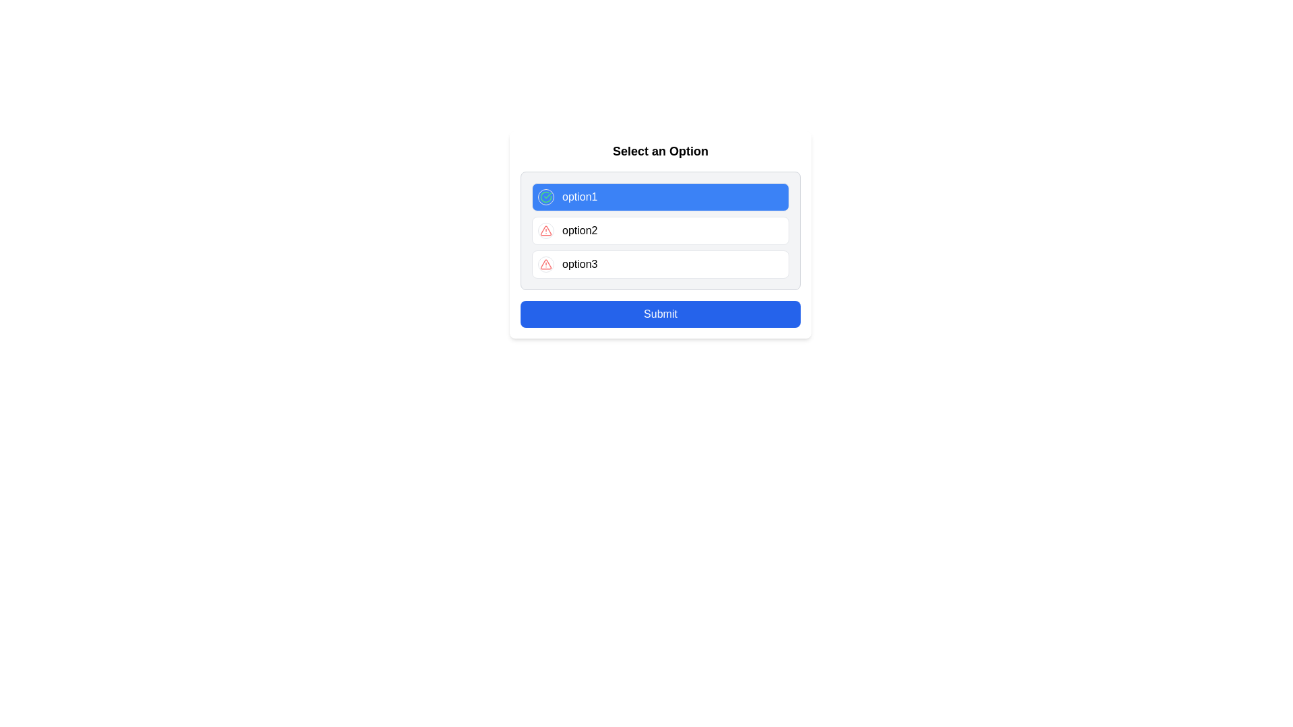  Describe the element at coordinates (660, 314) in the screenshot. I see `the 'Submit' button located at the bottom of the form, which has a dark blue background and white text` at that location.